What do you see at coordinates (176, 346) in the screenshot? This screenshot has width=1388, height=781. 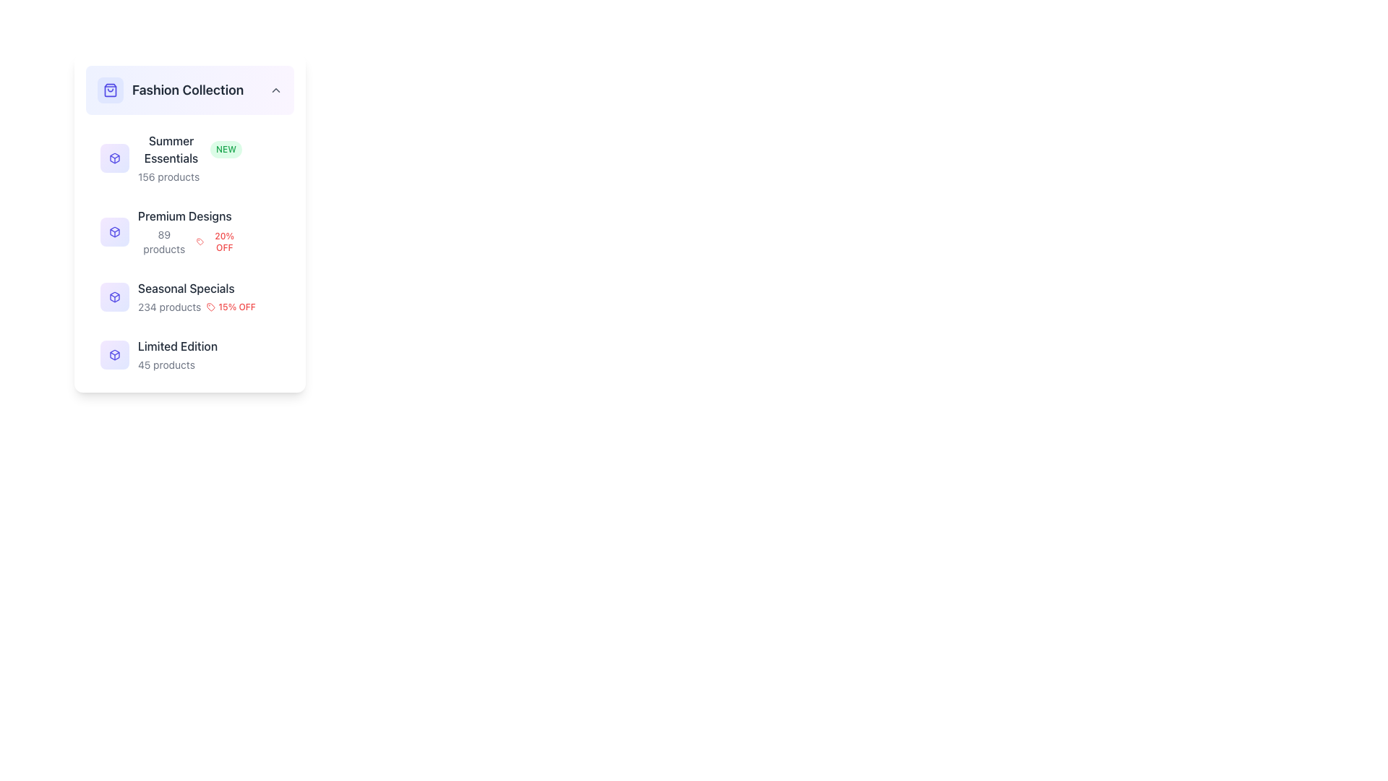 I see `the 'Limited Edition' category label, which is the fourth item in the vertical list under 'Fashion Collection', located between 'Seasonal Specials' and the product count label` at bounding box center [176, 346].